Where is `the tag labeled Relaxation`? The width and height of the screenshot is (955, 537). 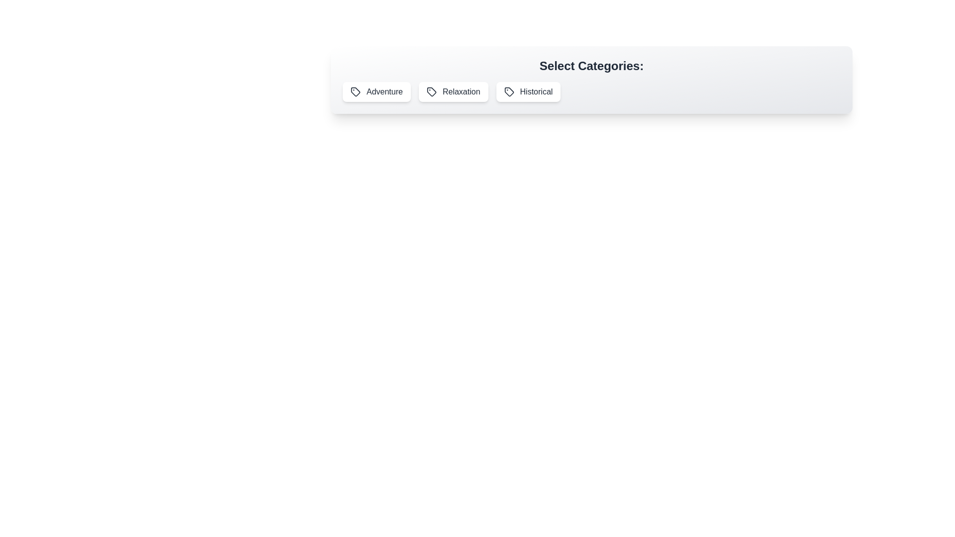
the tag labeled Relaxation is located at coordinates (453, 92).